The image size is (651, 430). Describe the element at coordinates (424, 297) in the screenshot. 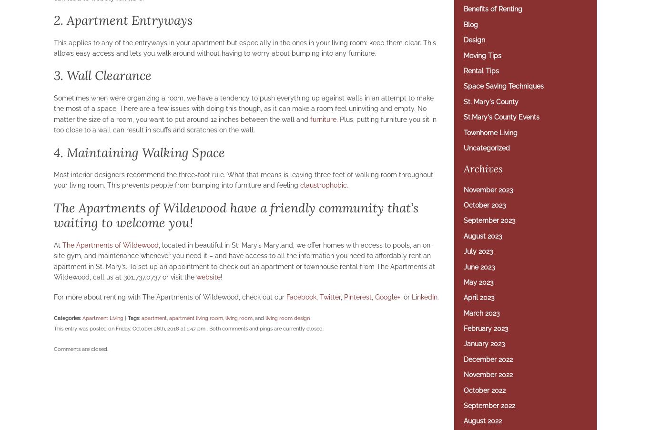

I see `'LinkedIn'` at that location.